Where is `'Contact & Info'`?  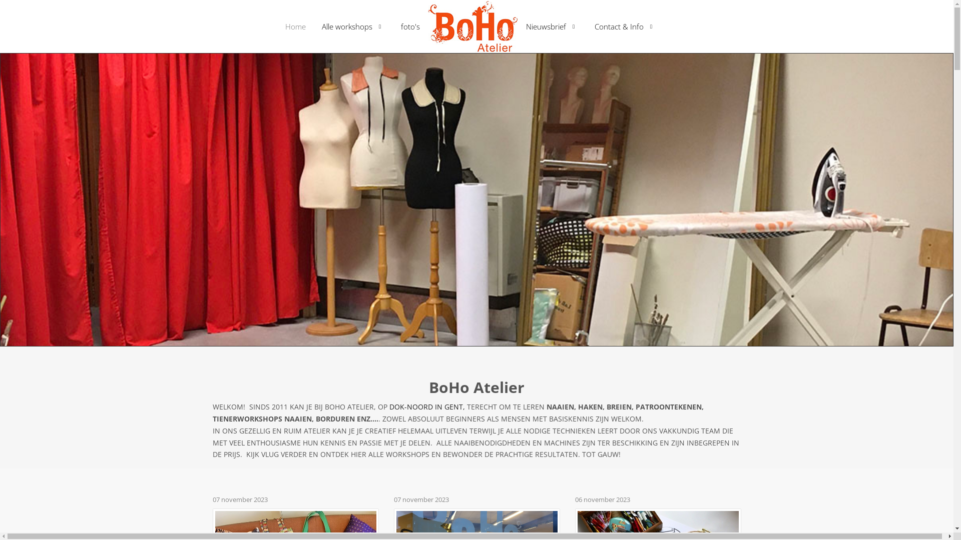 'Contact & Info' is located at coordinates (586, 26).